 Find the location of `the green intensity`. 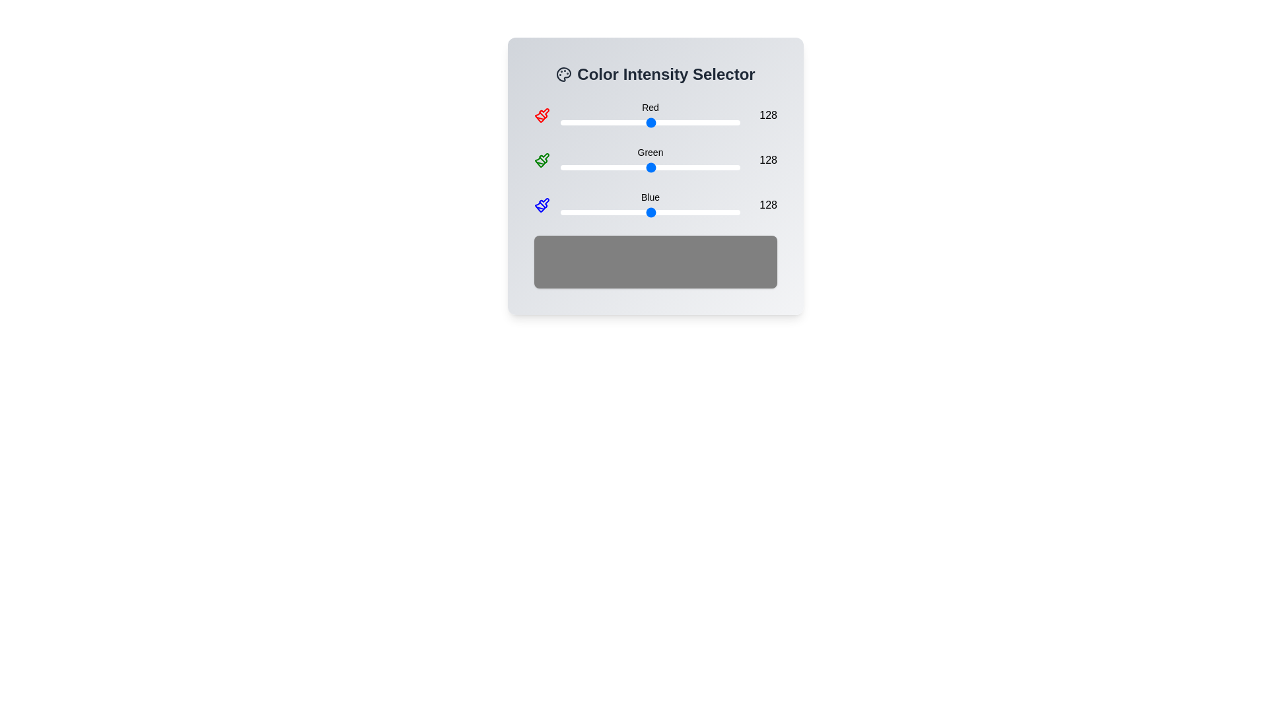

the green intensity is located at coordinates (672, 167).